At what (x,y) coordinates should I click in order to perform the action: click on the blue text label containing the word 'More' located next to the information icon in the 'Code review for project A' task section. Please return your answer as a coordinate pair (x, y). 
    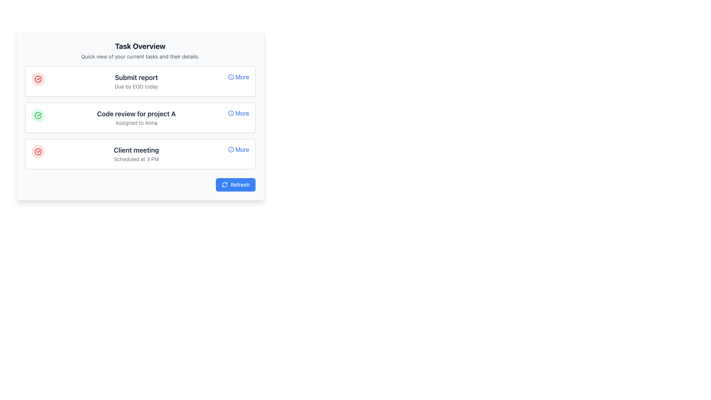
    Looking at the image, I should click on (242, 113).